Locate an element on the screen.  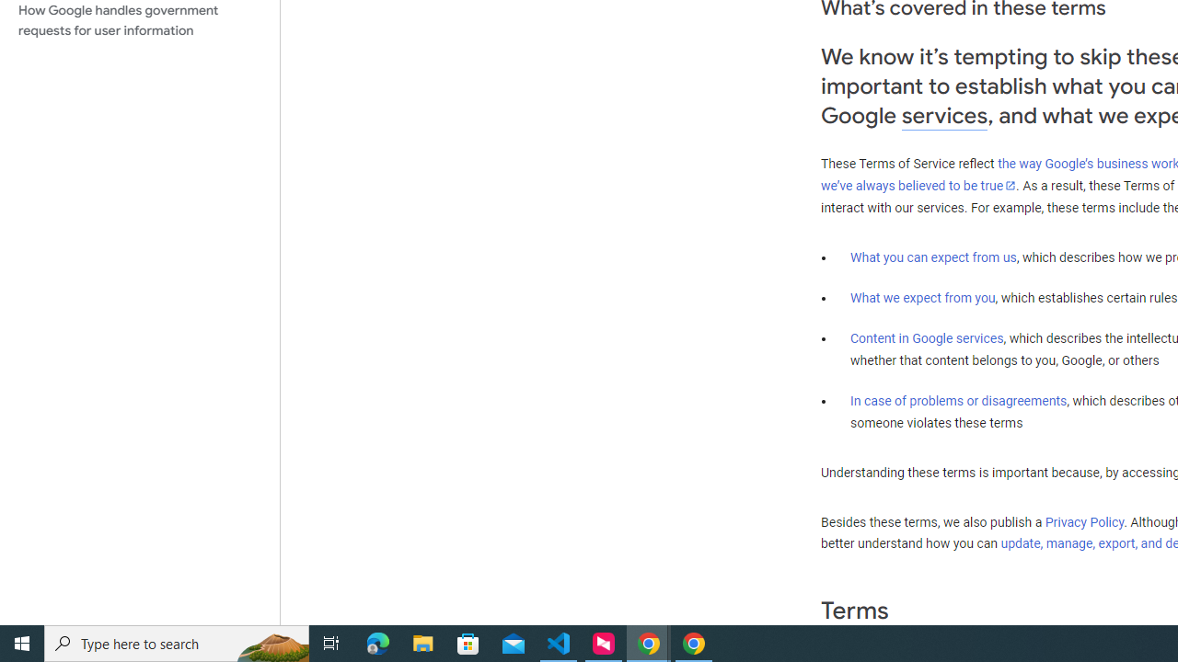
'In case of problems or disagreements' is located at coordinates (957, 399).